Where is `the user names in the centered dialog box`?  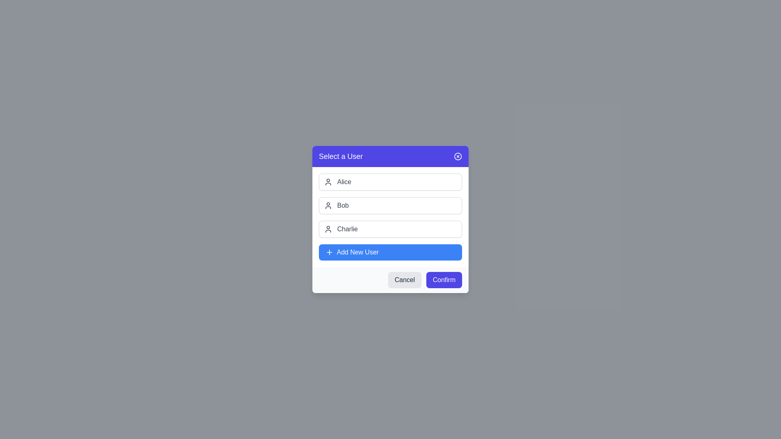 the user names in the centered dialog box is located at coordinates (390, 219).